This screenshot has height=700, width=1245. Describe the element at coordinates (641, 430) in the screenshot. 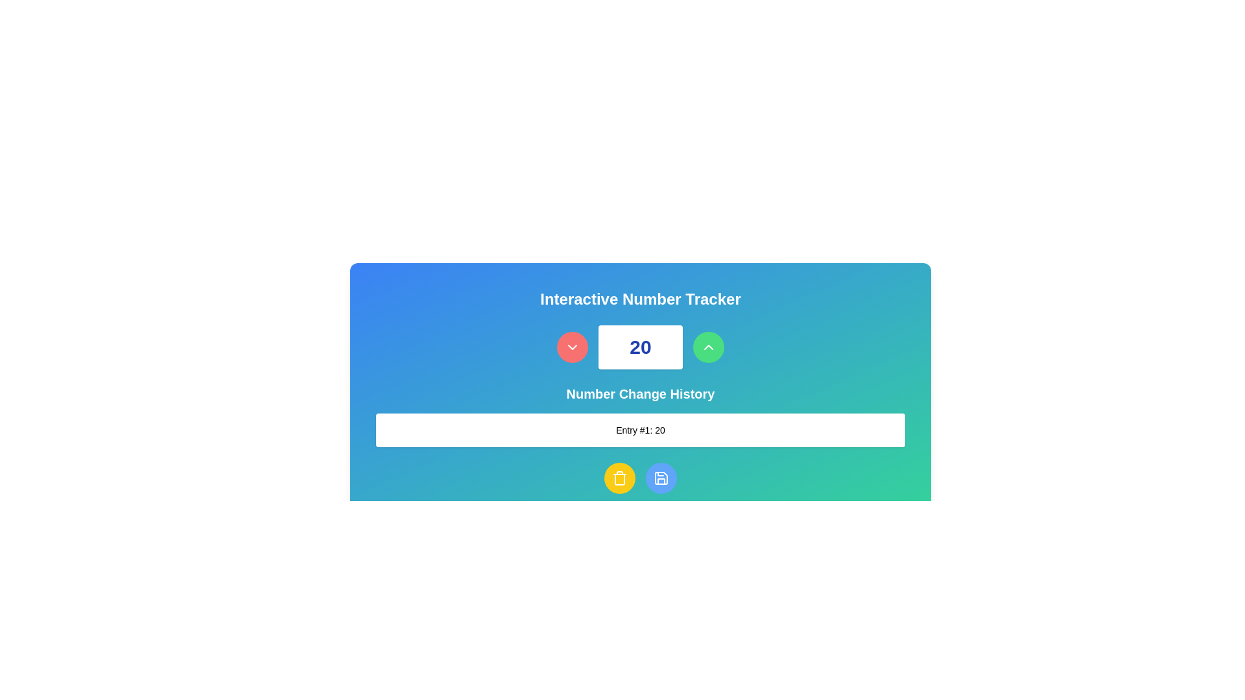

I see `the text label displaying 'Entry #1: 20' located in the 'Number Change History' section at the bottom of the primary interface` at that location.